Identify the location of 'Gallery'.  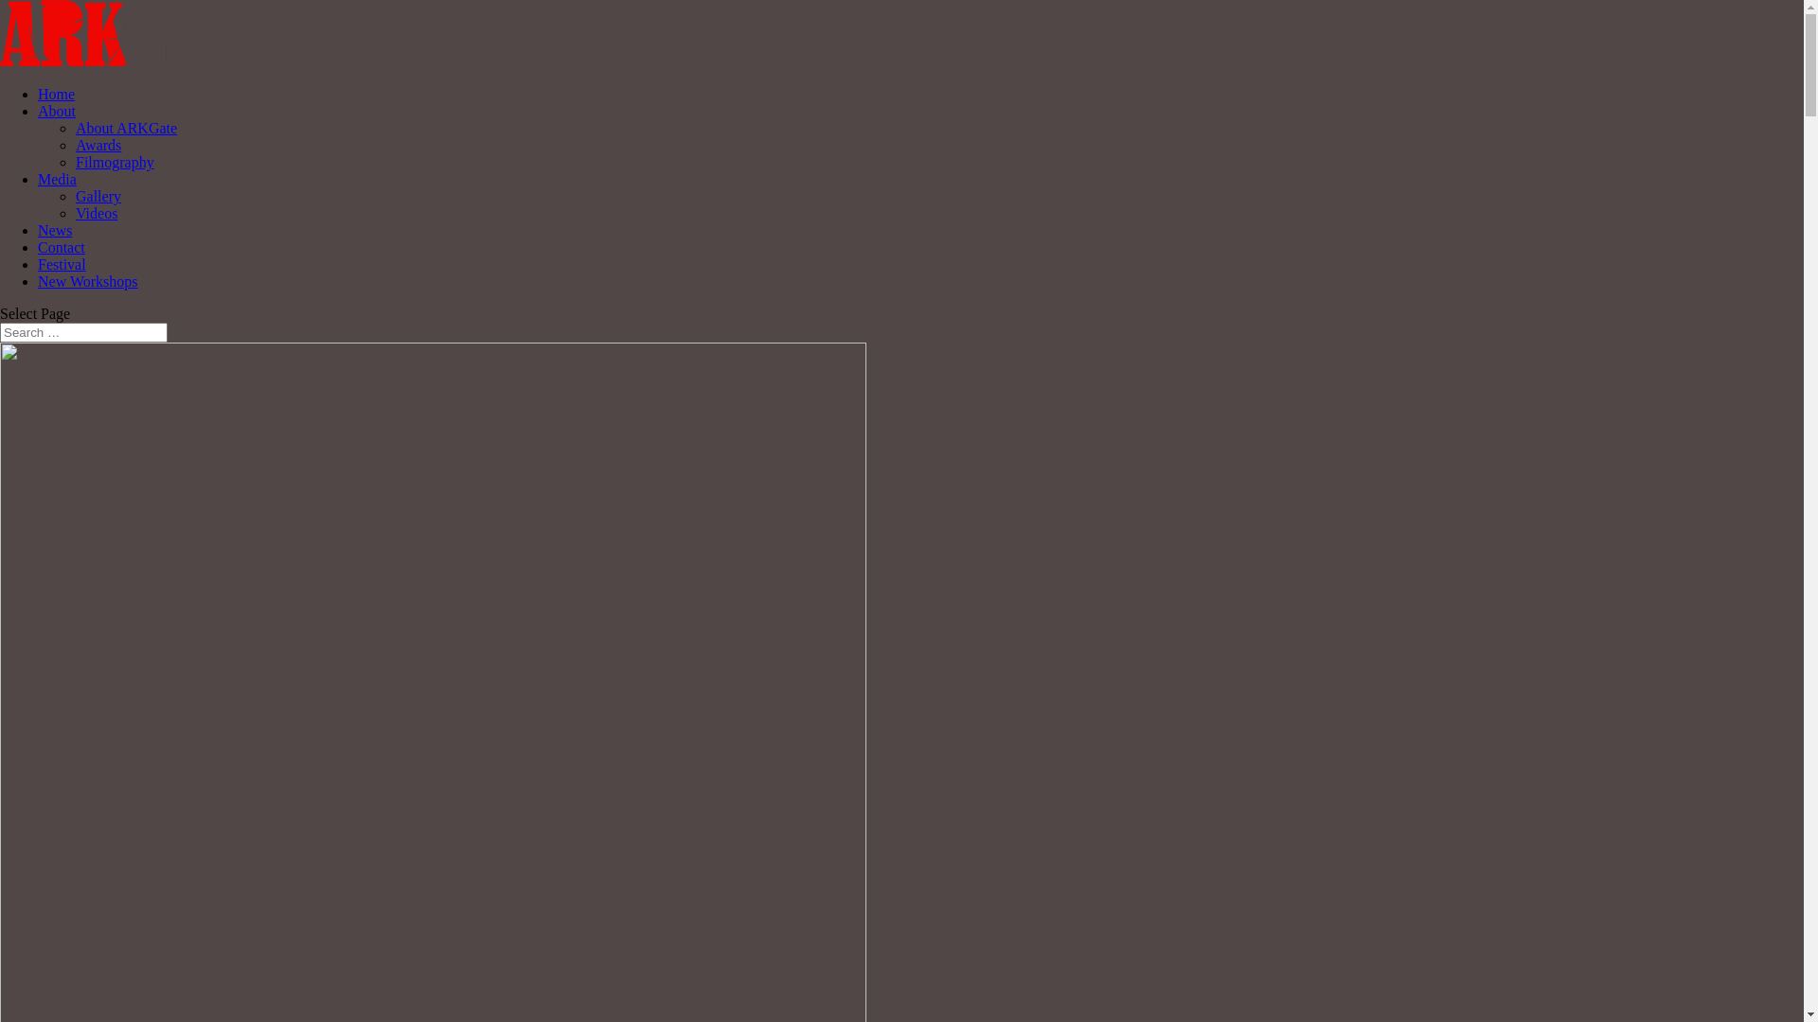
(98, 196).